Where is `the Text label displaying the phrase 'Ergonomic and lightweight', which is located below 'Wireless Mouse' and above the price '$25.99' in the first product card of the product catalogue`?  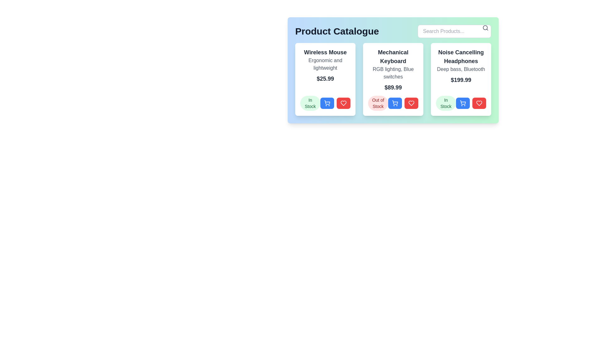
the Text label displaying the phrase 'Ergonomic and lightweight', which is located below 'Wireless Mouse' and above the price '$25.99' in the first product card of the product catalogue is located at coordinates (325, 64).